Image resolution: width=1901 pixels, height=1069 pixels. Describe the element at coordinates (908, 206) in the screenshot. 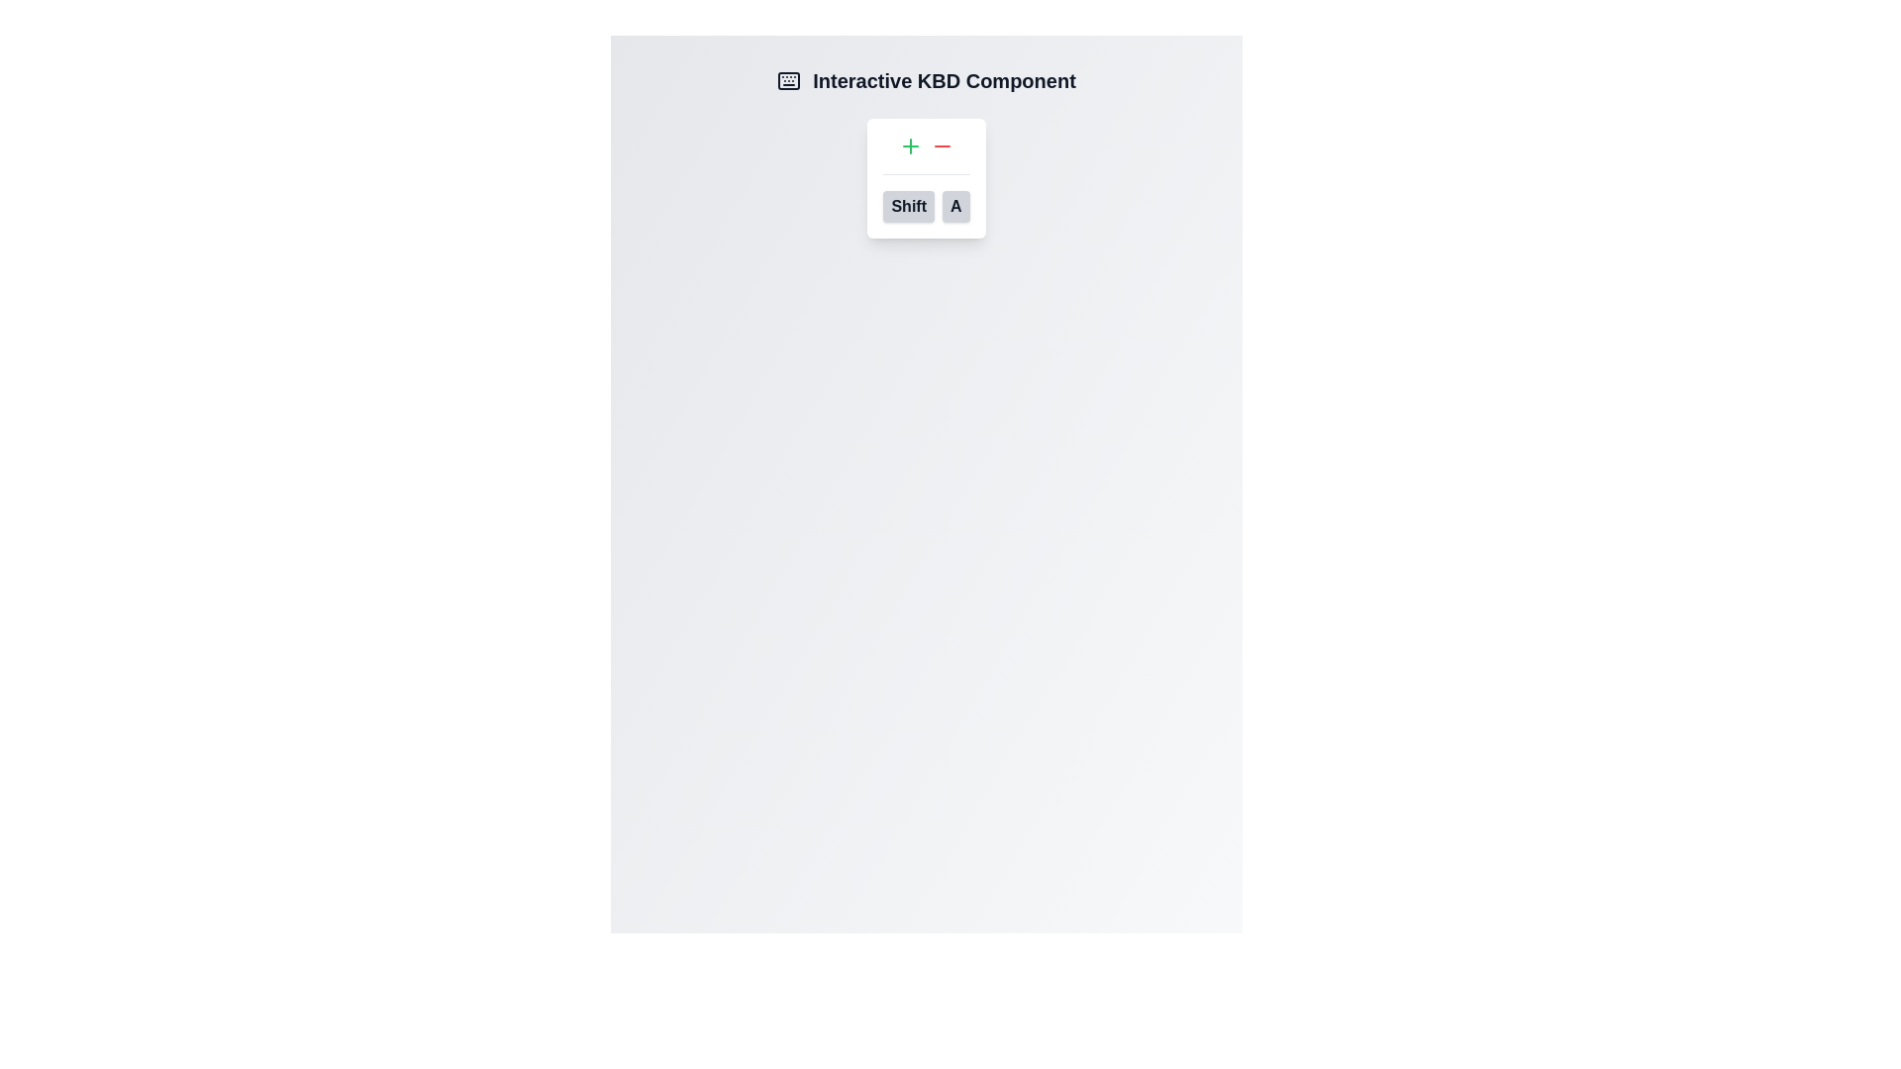

I see `the rectangular button labeled 'Shift' with a gray background, located at the top-central portion of the interface, which is the first button from the left in a row of two buttons` at that location.